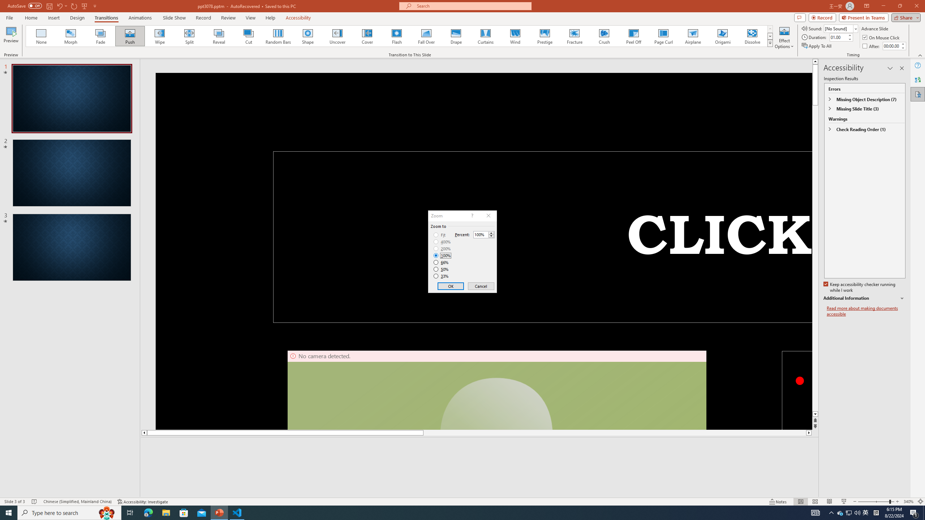  Describe the element at coordinates (914, 512) in the screenshot. I see `'Action Center, 1 new notification'` at that location.